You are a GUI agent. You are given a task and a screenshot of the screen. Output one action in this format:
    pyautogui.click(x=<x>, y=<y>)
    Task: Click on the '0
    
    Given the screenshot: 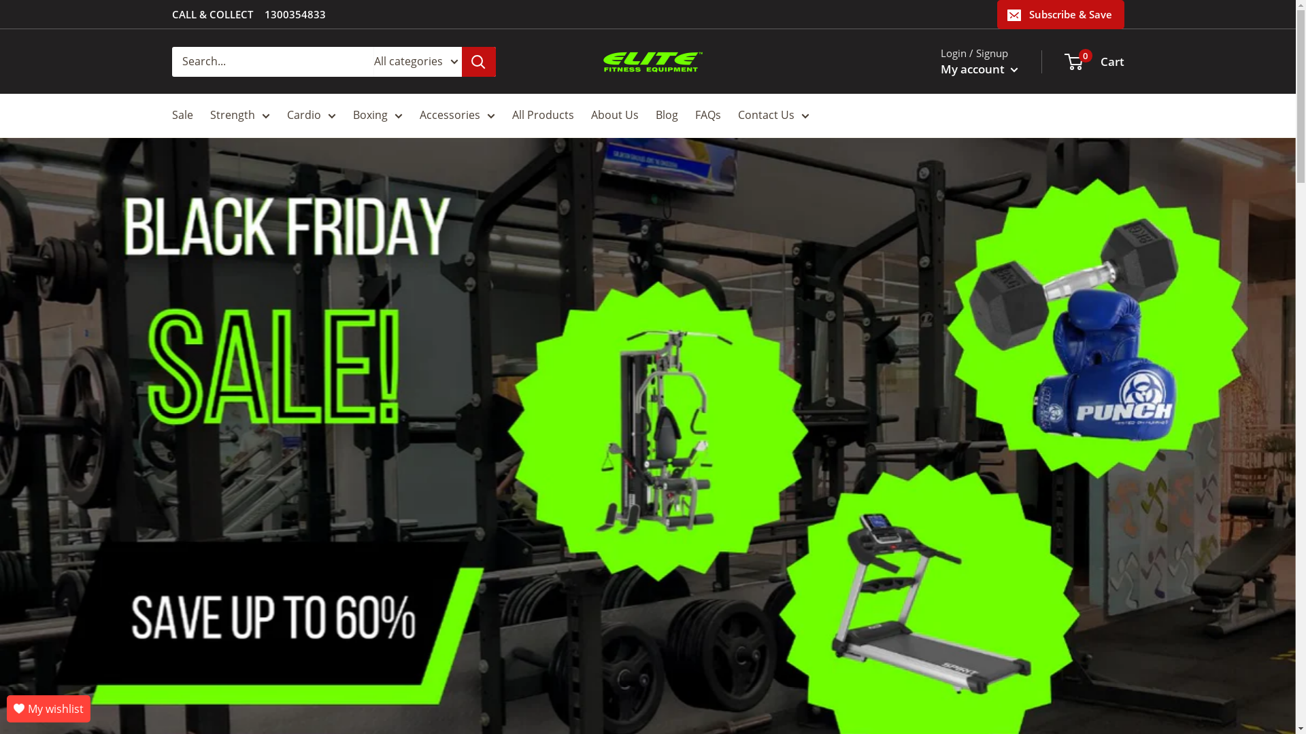 What is the action you would take?
    pyautogui.click(x=1094, y=62)
    